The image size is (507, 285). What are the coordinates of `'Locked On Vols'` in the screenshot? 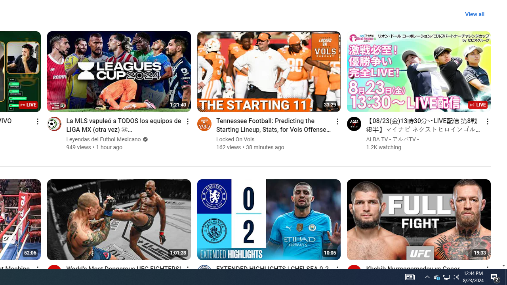 It's located at (235, 139).